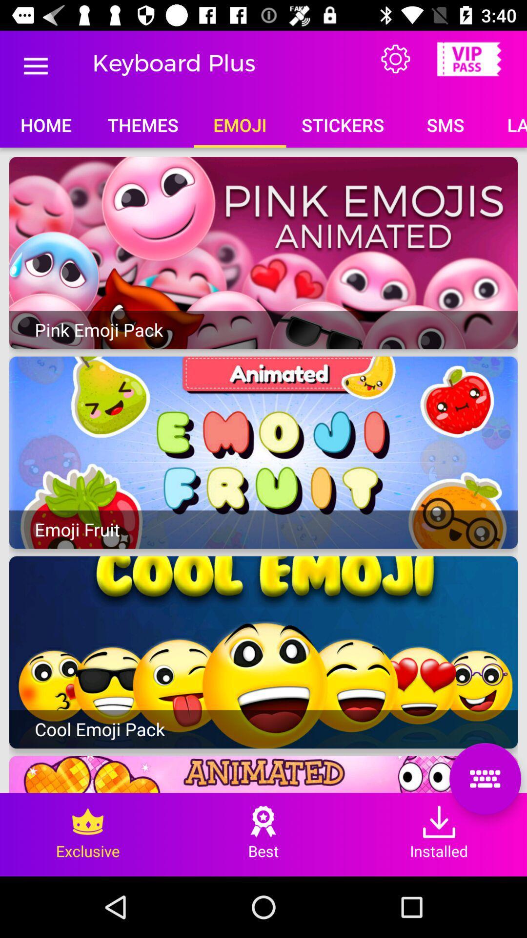  What do you see at coordinates (263, 821) in the screenshot?
I see `the icon which is just above the best` at bounding box center [263, 821].